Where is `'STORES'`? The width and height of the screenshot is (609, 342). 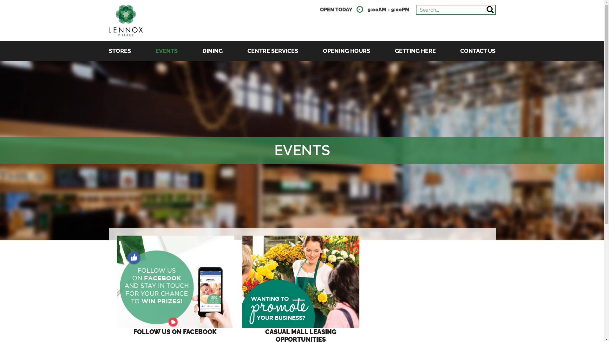 'STORES' is located at coordinates (120, 51).